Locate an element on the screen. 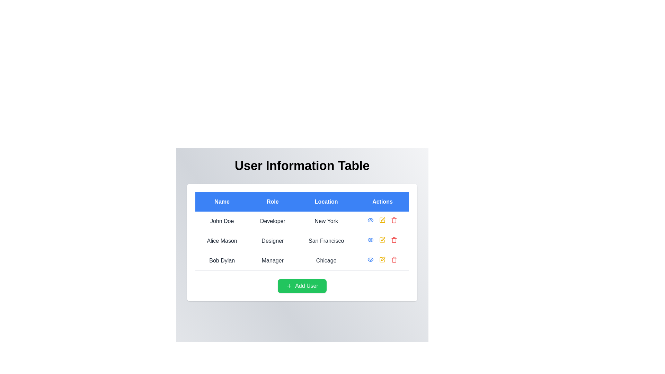  the distinct rectangular button with a bright green background and white text reading 'Add User' is located at coordinates (302, 286).